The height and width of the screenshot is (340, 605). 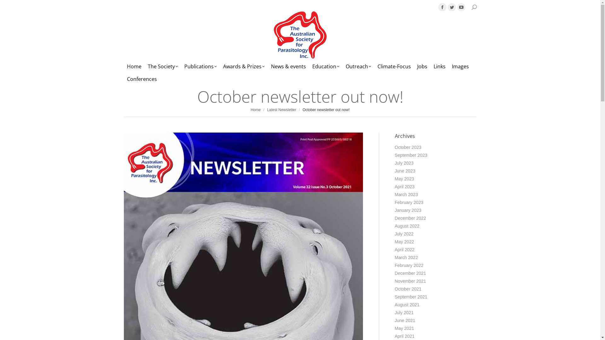 What do you see at coordinates (9, 6) in the screenshot?
I see `'Go!'` at bounding box center [9, 6].